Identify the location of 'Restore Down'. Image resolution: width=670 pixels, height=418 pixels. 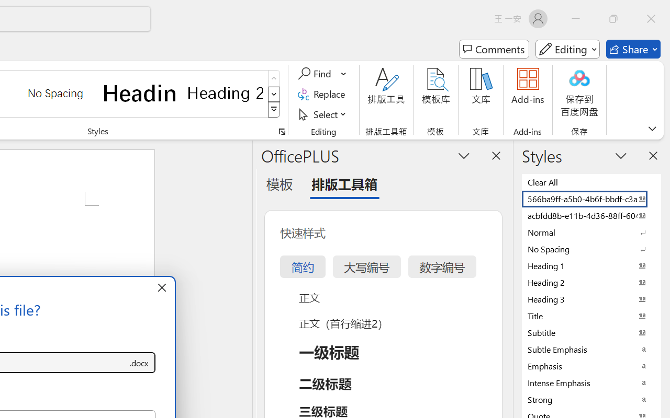
(613, 18).